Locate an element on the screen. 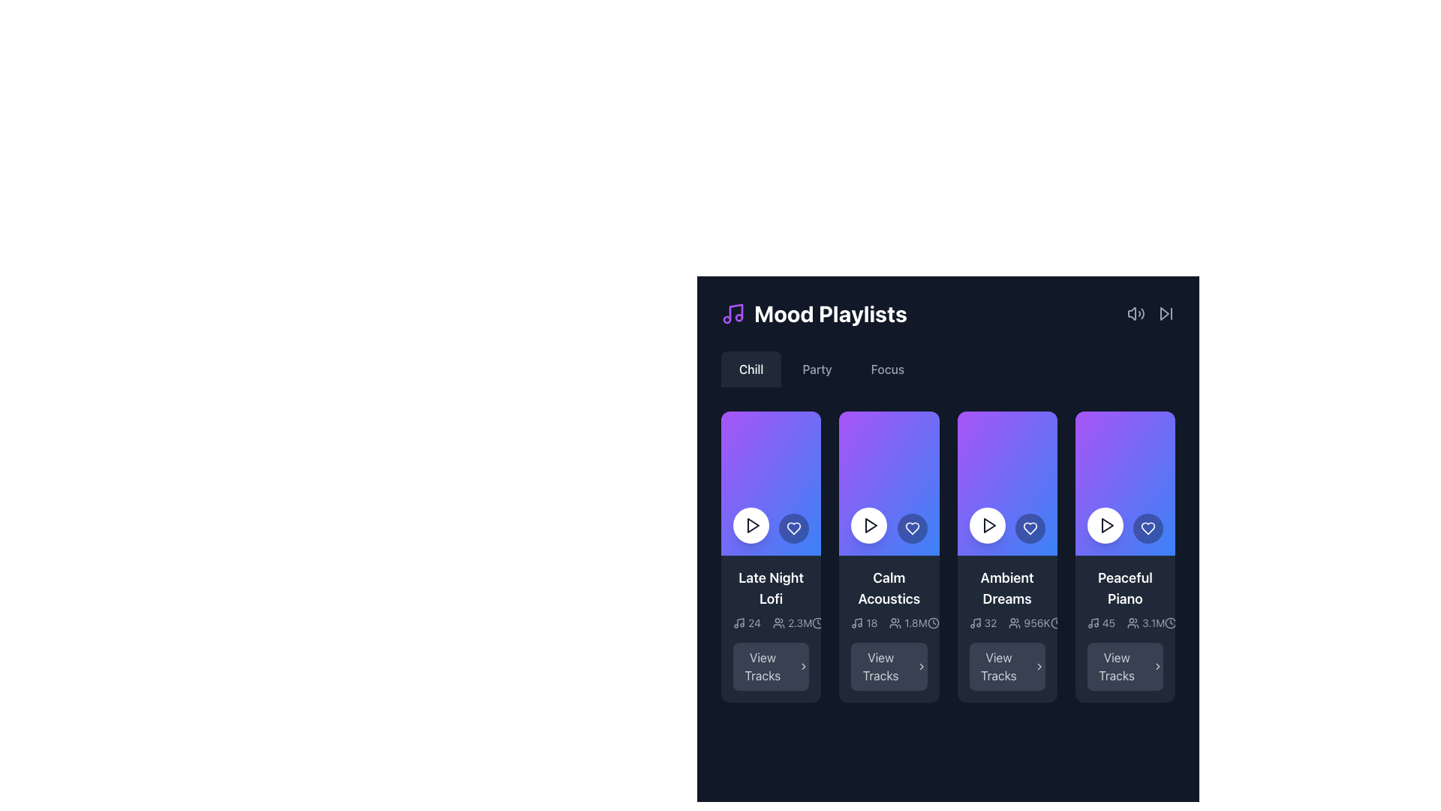  the musical note icon component within the SVG graphic, which represents the note stem and flag, located in the top-left corner near the 'Mood Playlists' title is located at coordinates (741, 623).